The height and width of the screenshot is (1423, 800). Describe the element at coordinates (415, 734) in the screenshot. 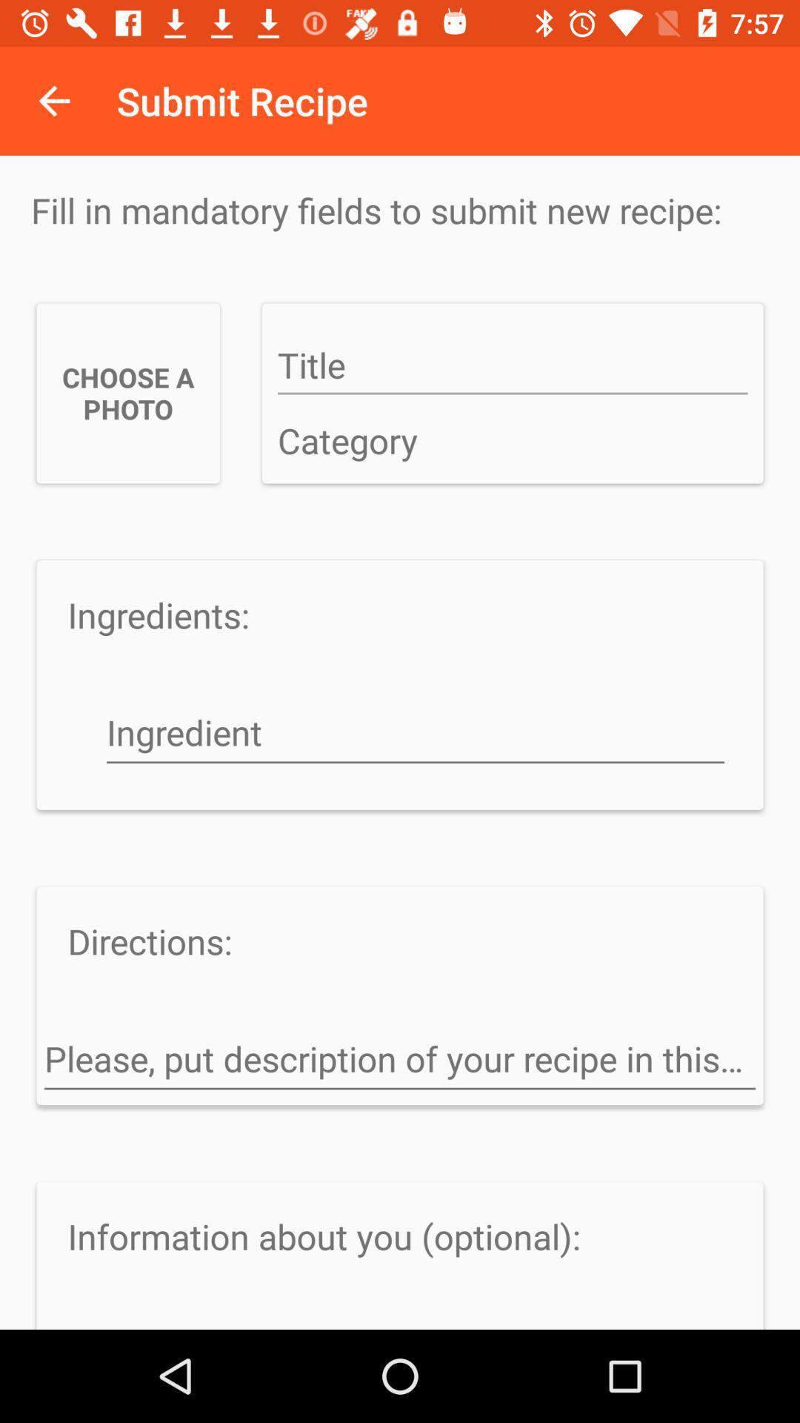

I see `ingredient` at that location.